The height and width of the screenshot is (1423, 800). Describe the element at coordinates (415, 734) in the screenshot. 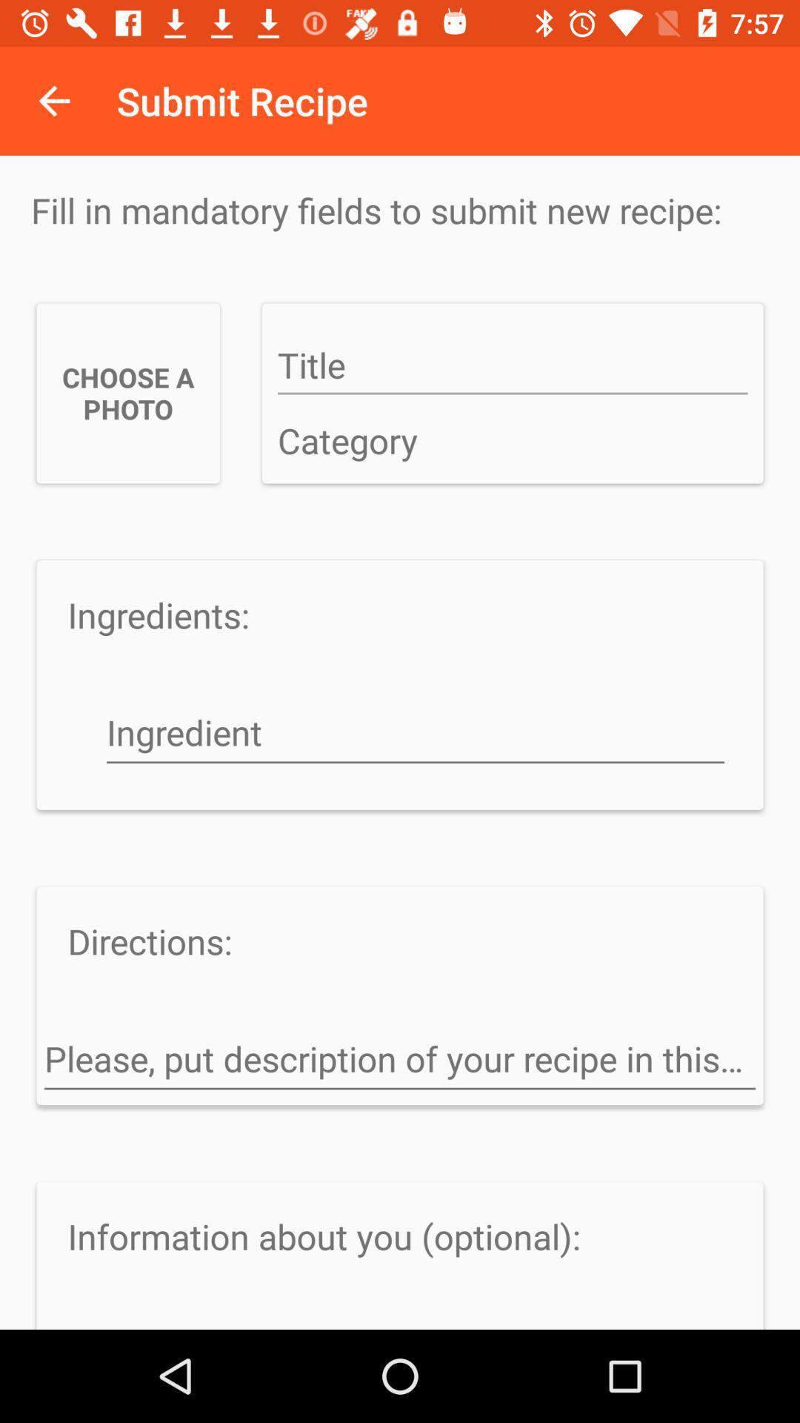

I see `ingredient` at that location.